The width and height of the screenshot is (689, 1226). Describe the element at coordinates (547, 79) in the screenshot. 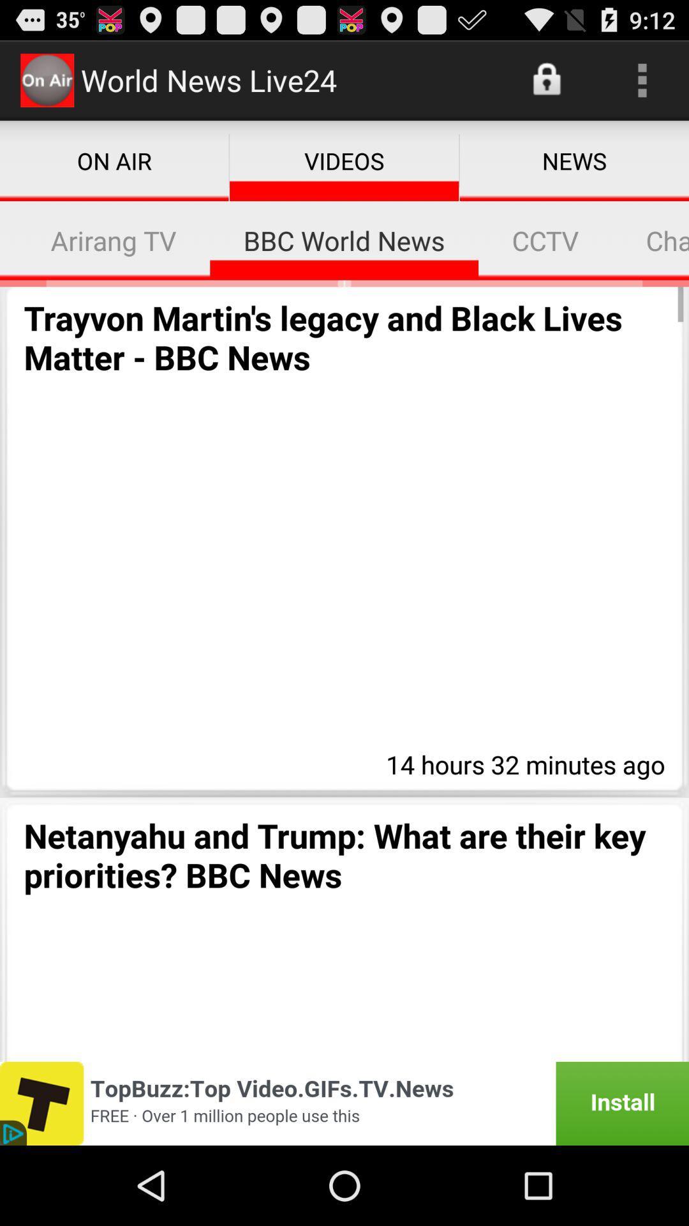

I see `the app above news app` at that location.